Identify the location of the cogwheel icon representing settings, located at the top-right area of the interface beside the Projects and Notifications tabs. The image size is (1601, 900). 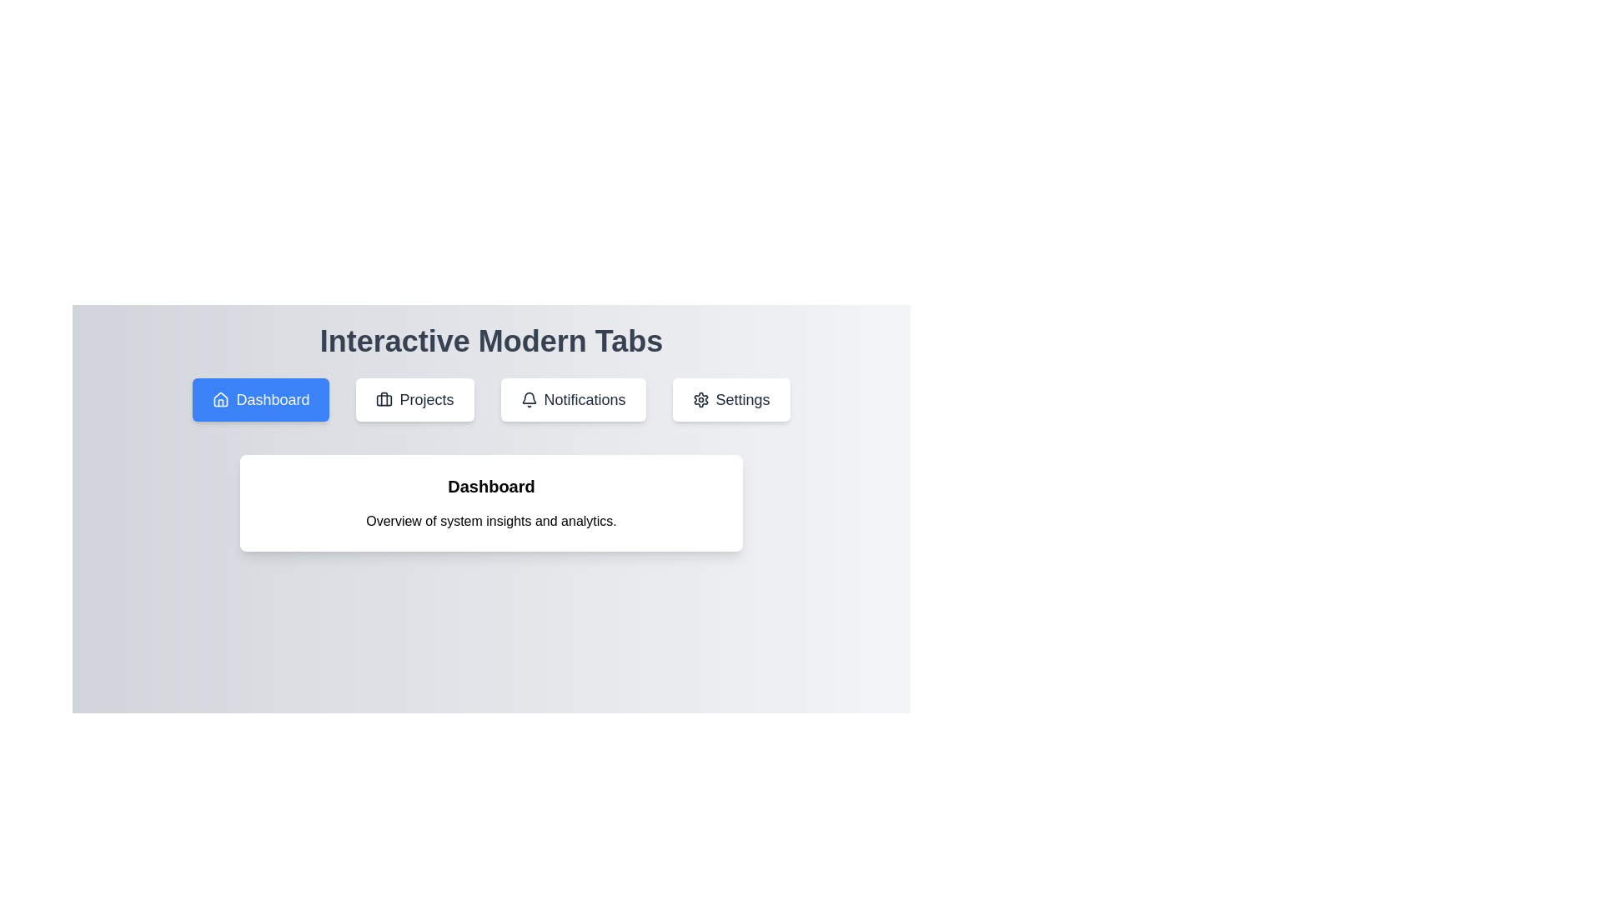
(700, 399).